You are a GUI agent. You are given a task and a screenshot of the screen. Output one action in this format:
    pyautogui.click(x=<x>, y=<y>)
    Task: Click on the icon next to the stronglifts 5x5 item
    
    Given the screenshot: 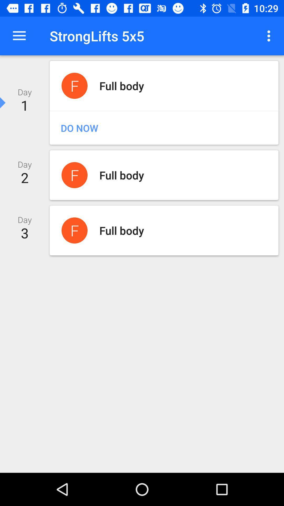 What is the action you would take?
    pyautogui.click(x=19, y=36)
    